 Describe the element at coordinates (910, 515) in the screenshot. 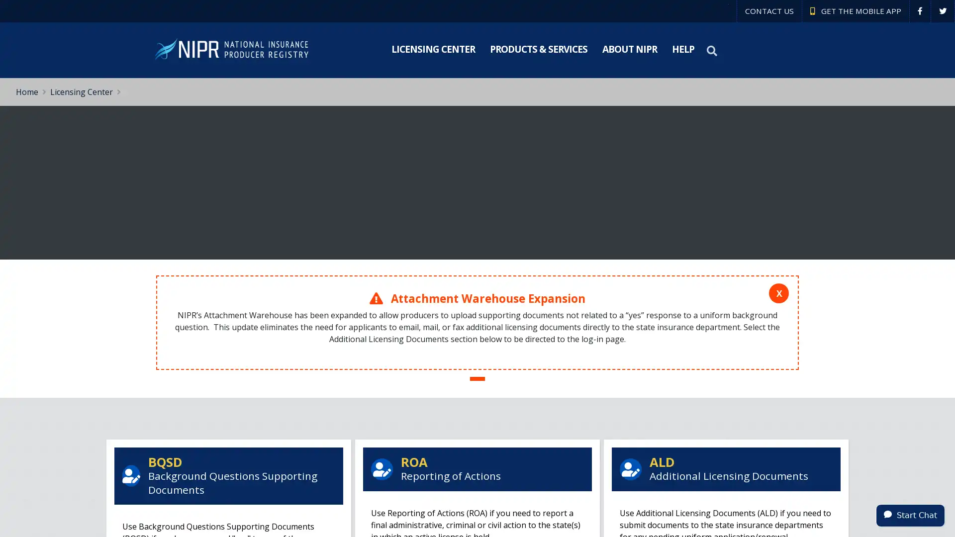

I see `Start Chat` at that location.